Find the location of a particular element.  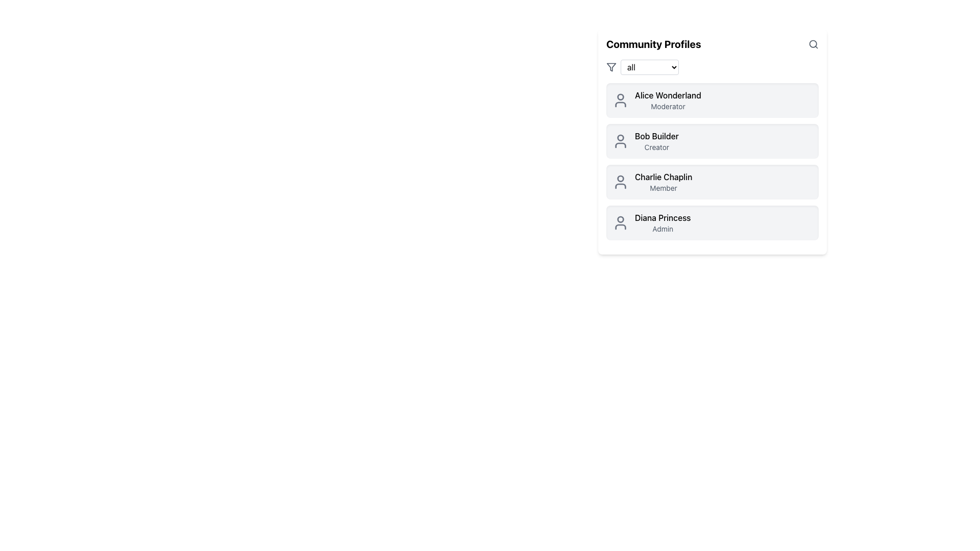

the Text Display element showing 'Bob Builder' and 'Creator', which is the second user entry in the community profiles list is located at coordinates (656, 141).